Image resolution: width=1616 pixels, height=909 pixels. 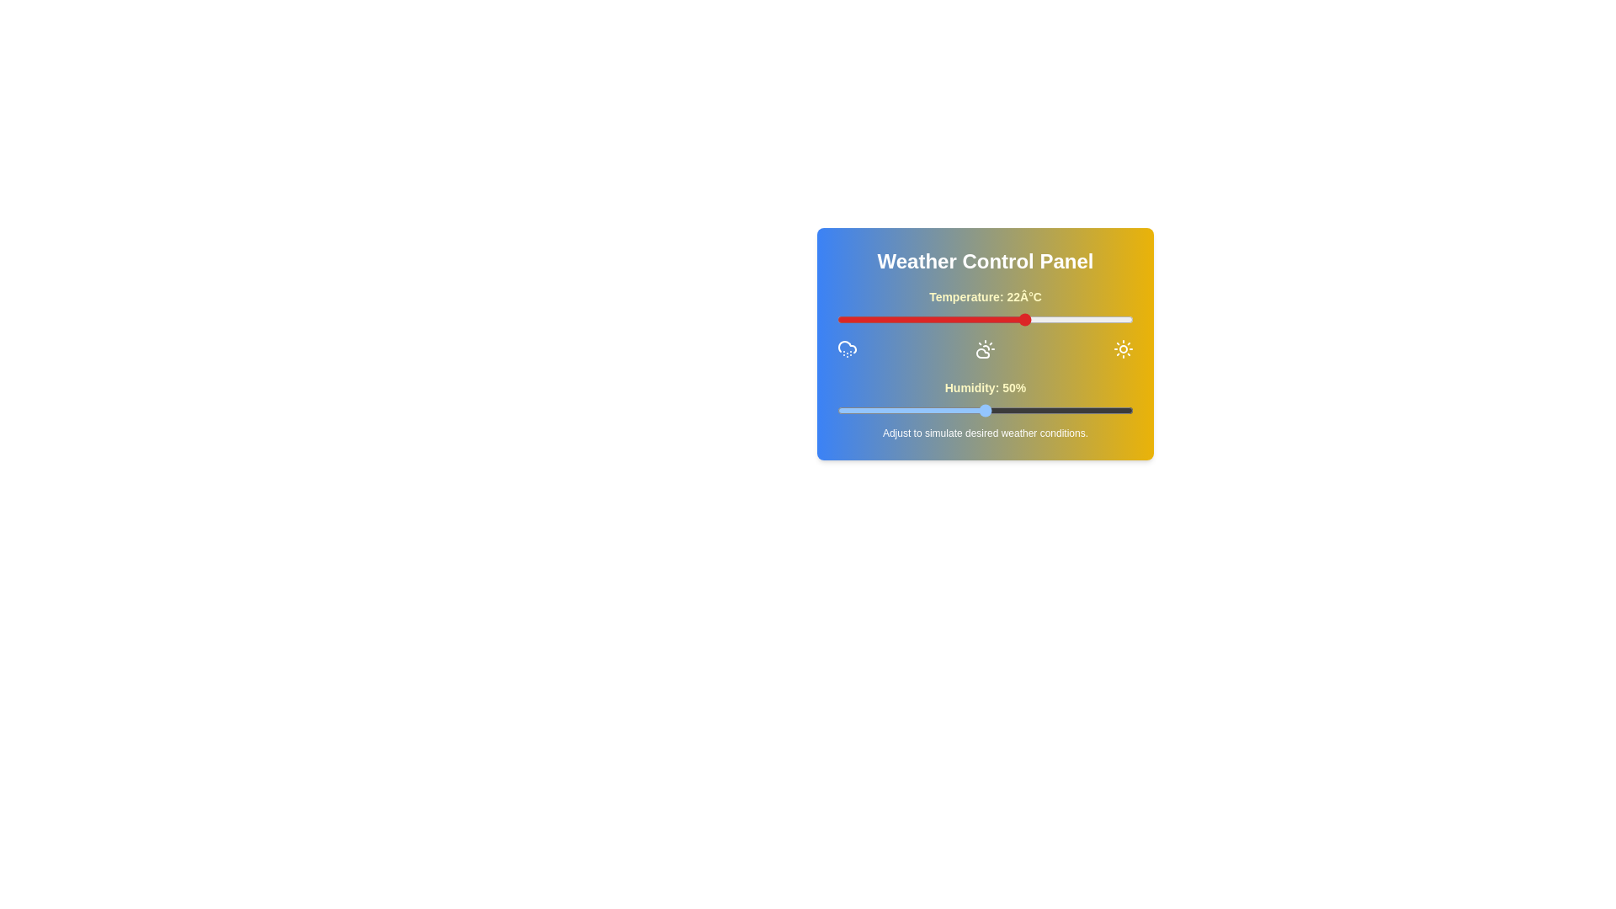 What do you see at coordinates (896, 320) in the screenshot?
I see `temperature` at bounding box center [896, 320].